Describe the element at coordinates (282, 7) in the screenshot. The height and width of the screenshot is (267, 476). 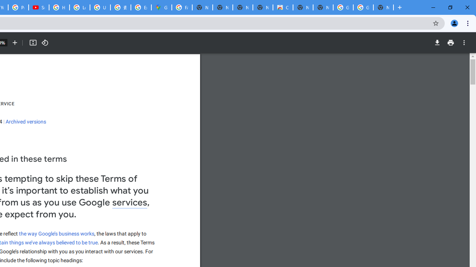
I see `'Chrome Web Store'` at that location.